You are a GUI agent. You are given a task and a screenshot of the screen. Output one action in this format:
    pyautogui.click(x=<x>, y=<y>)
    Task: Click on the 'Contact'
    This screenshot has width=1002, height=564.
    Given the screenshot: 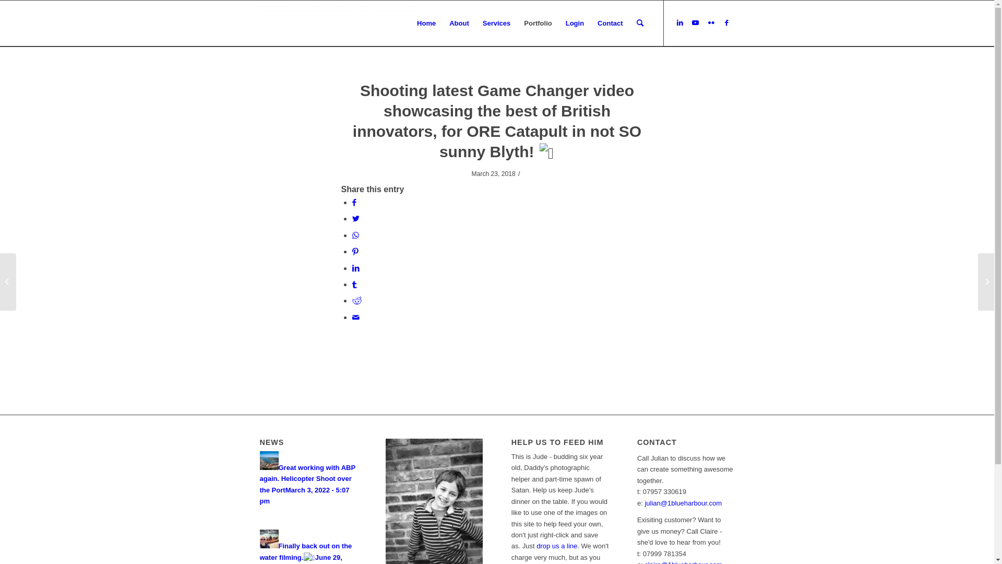 What is the action you would take?
    pyautogui.click(x=610, y=23)
    